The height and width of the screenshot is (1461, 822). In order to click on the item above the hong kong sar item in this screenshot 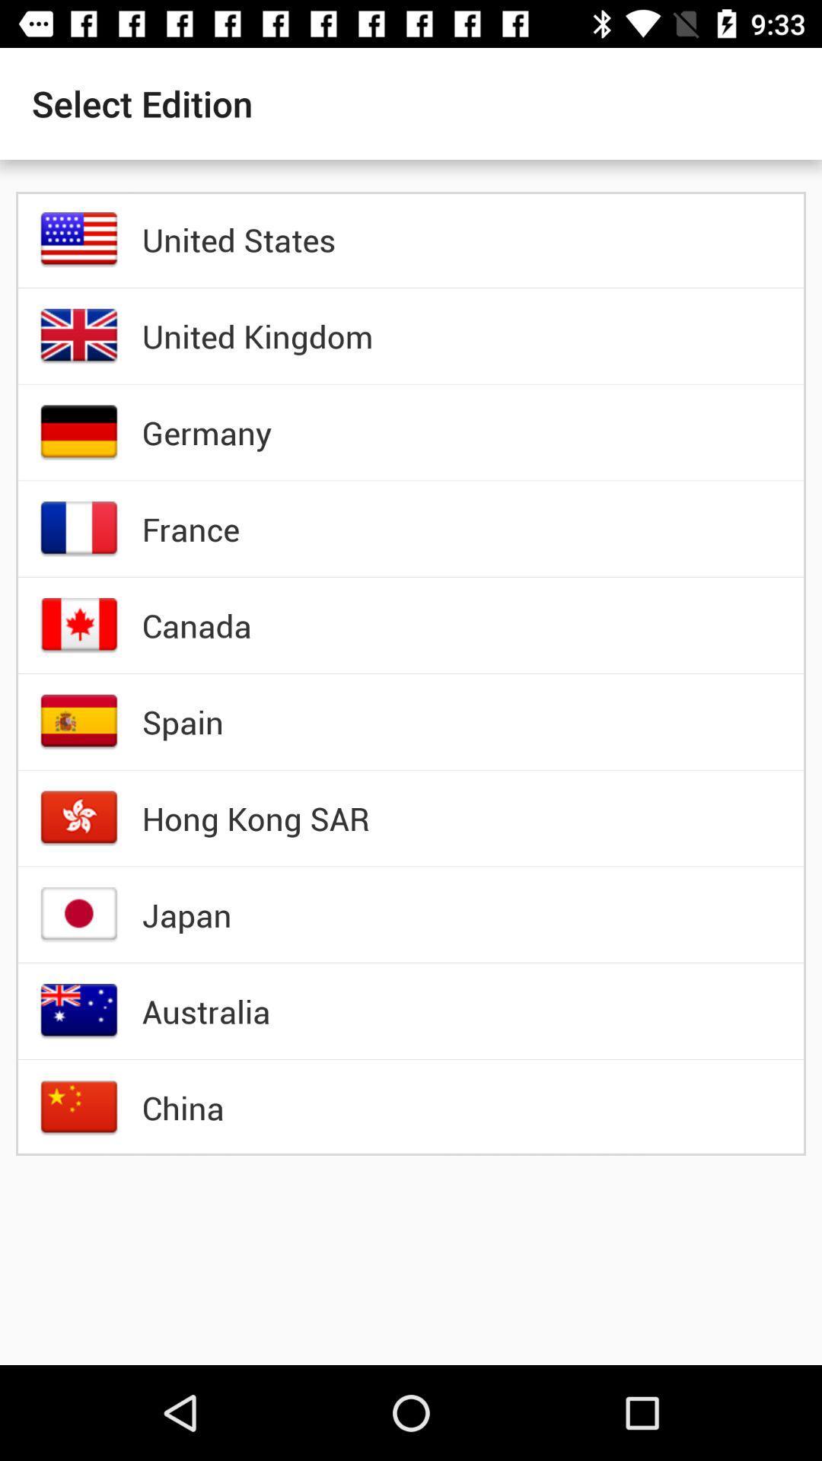, I will do `click(182, 721)`.